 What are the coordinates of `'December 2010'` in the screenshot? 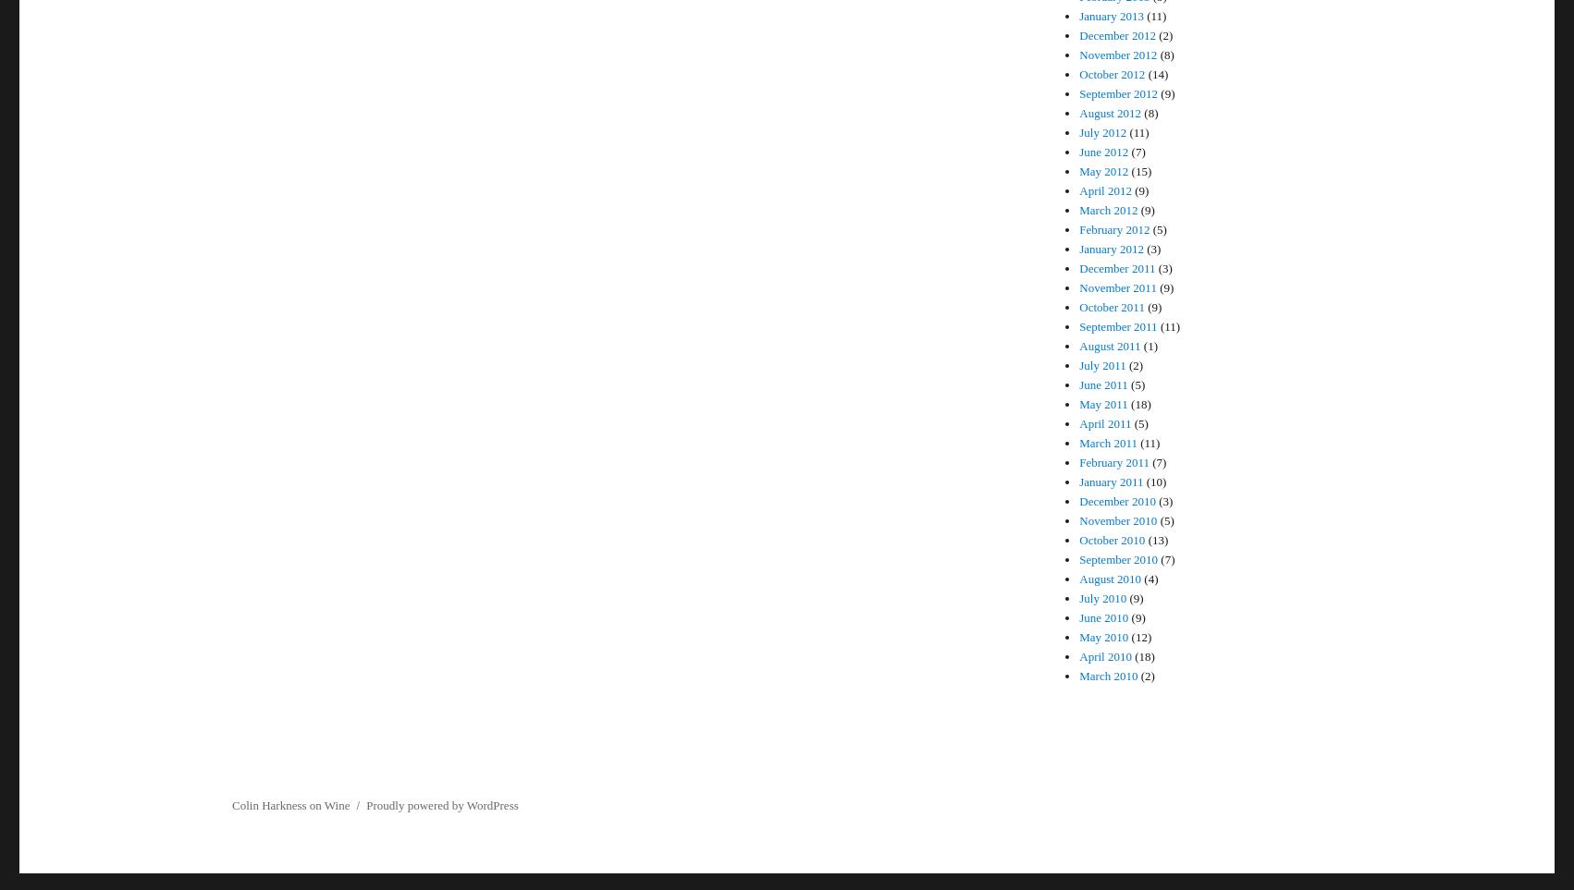 It's located at (1117, 500).